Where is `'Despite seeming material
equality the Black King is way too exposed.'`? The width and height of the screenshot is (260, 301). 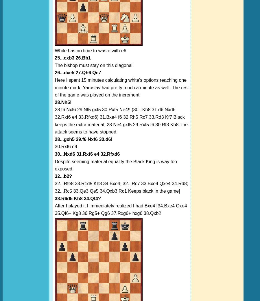 'Despite seeming material
equality the Black King is way too exposed.' is located at coordinates (115, 165).